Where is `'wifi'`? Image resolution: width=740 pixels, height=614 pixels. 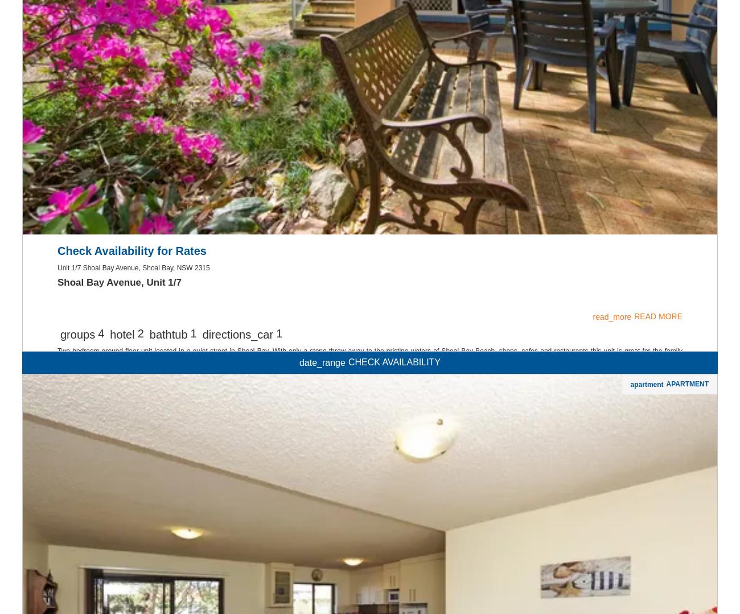 'wifi' is located at coordinates (369, 576).